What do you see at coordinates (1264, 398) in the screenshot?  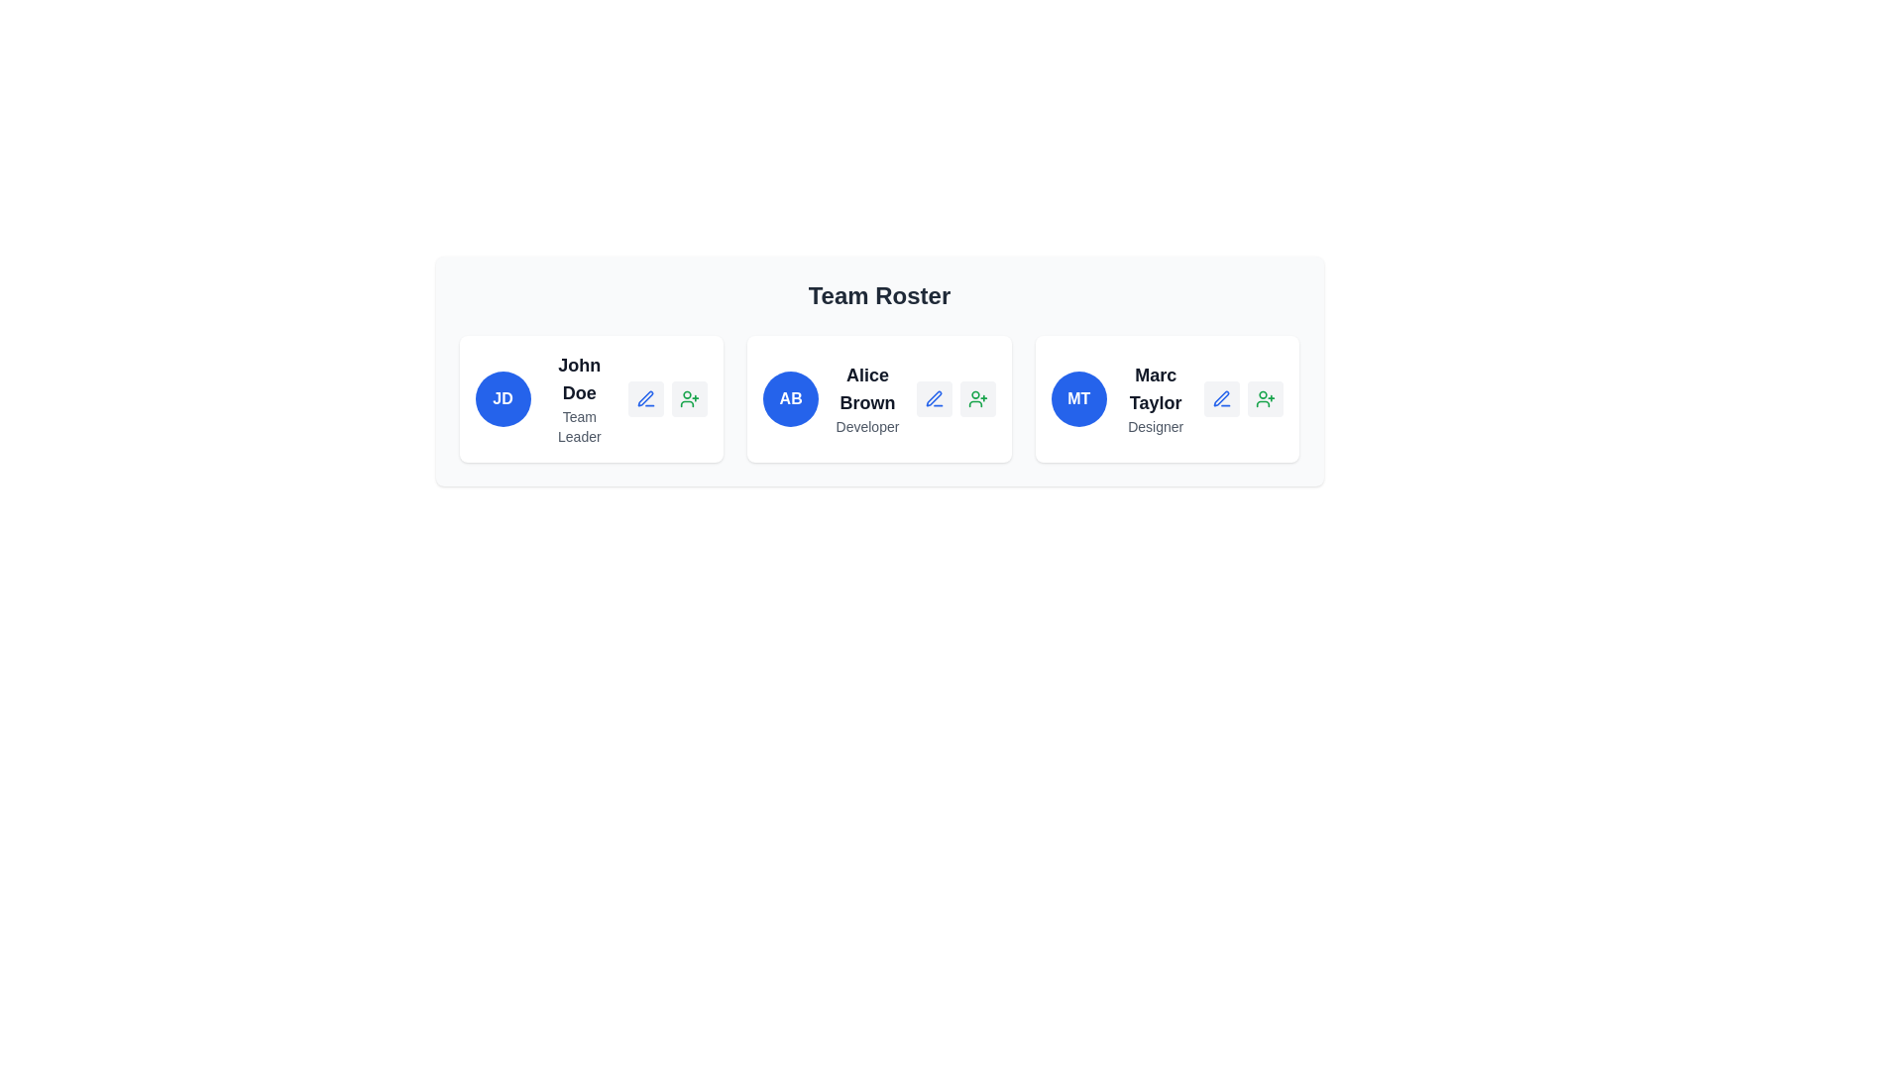 I see `the button located on the right side of the group of three interactions in the card for 'Marc Taylor'` at bounding box center [1264, 398].